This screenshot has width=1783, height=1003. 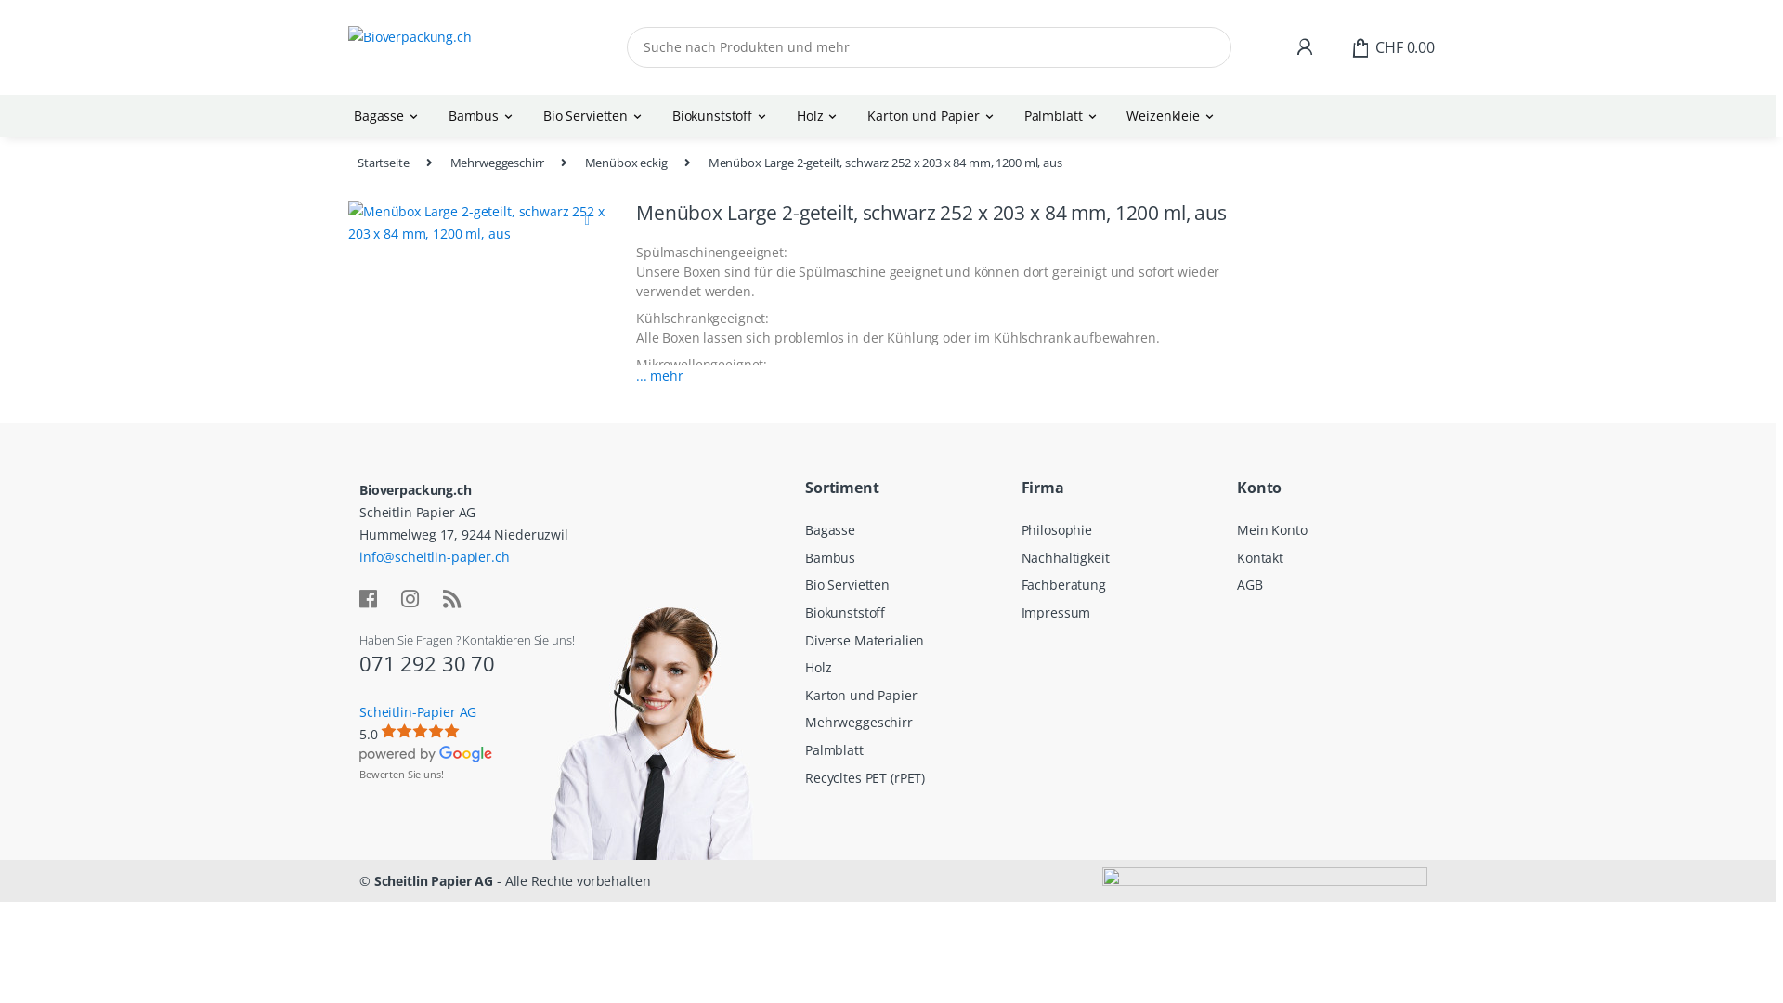 I want to click on 'Recycltes PET (rPET)', so click(x=805, y=777).